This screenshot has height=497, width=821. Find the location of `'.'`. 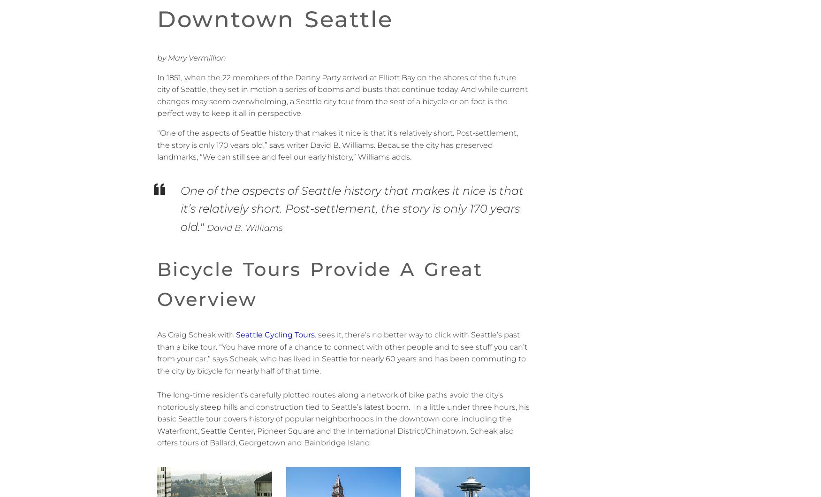

'.' is located at coordinates (314, 334).